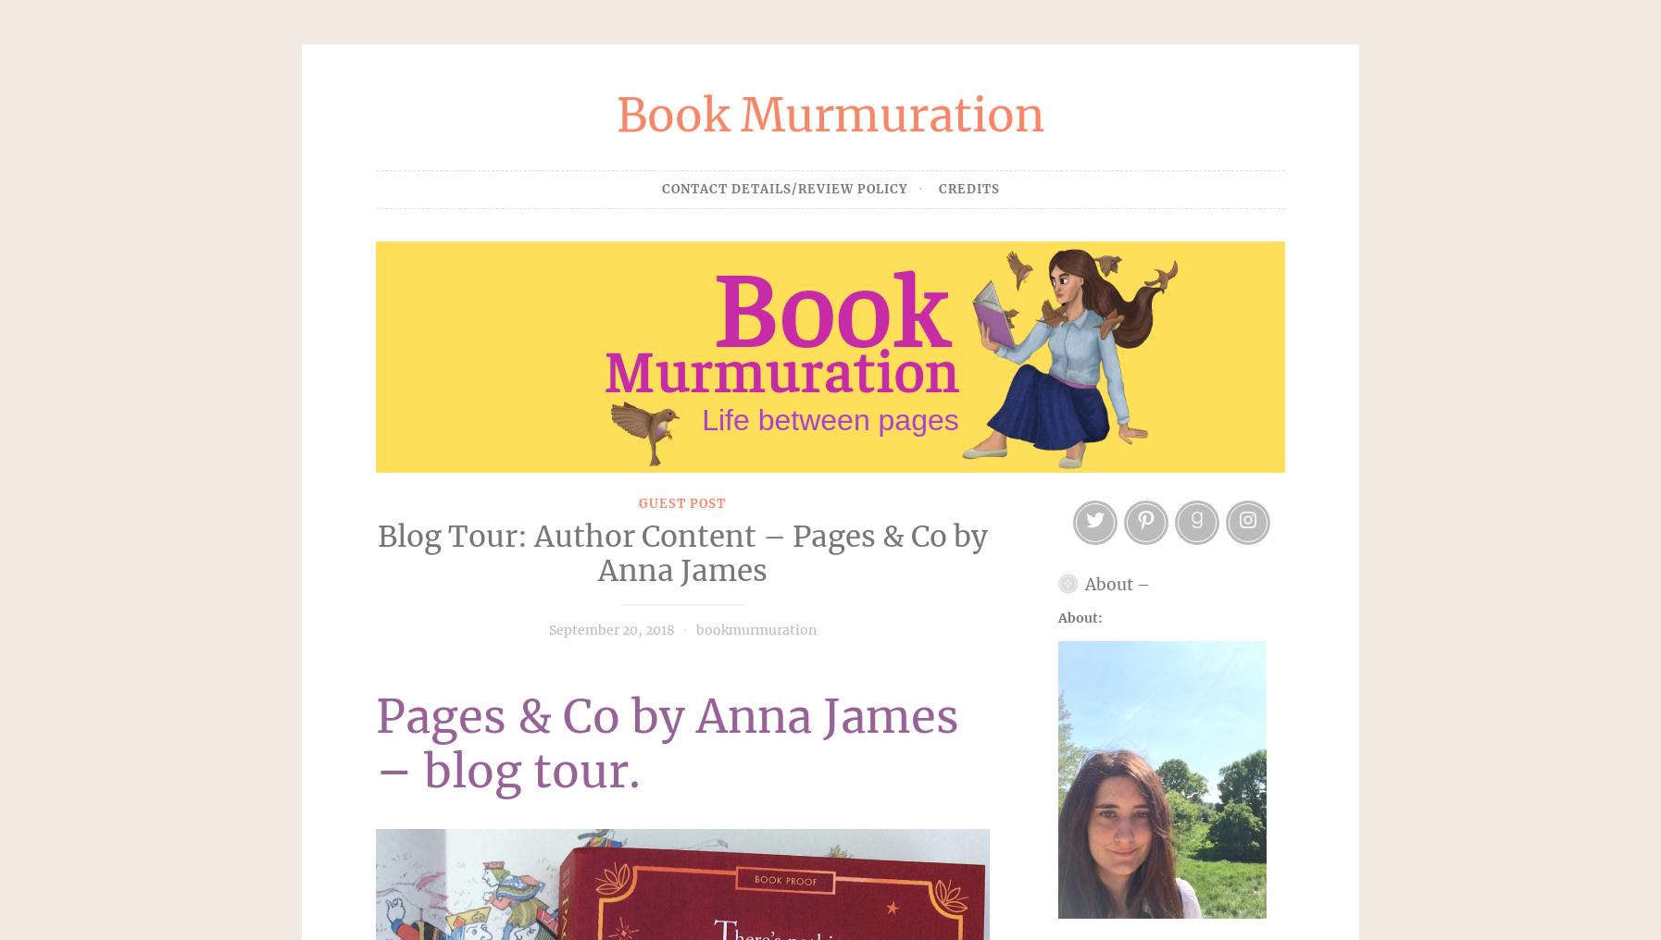 The image size is (1661, 940). Describe the element at coordinates (681, 501) in the screenshot. I see `'Guest Post'` at that location.